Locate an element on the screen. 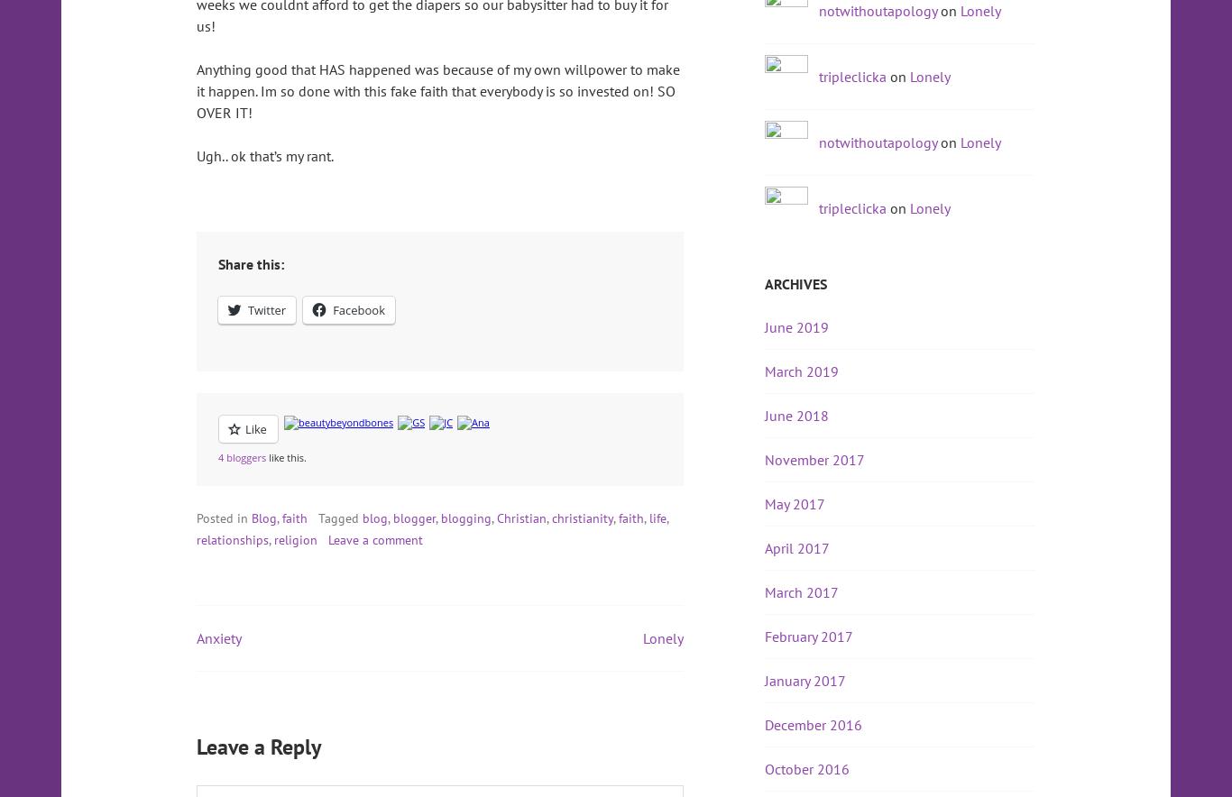 Image resolution: width=1232 pixels, height=797 pixels. 'blogging' is located at coordinates (466, 518).